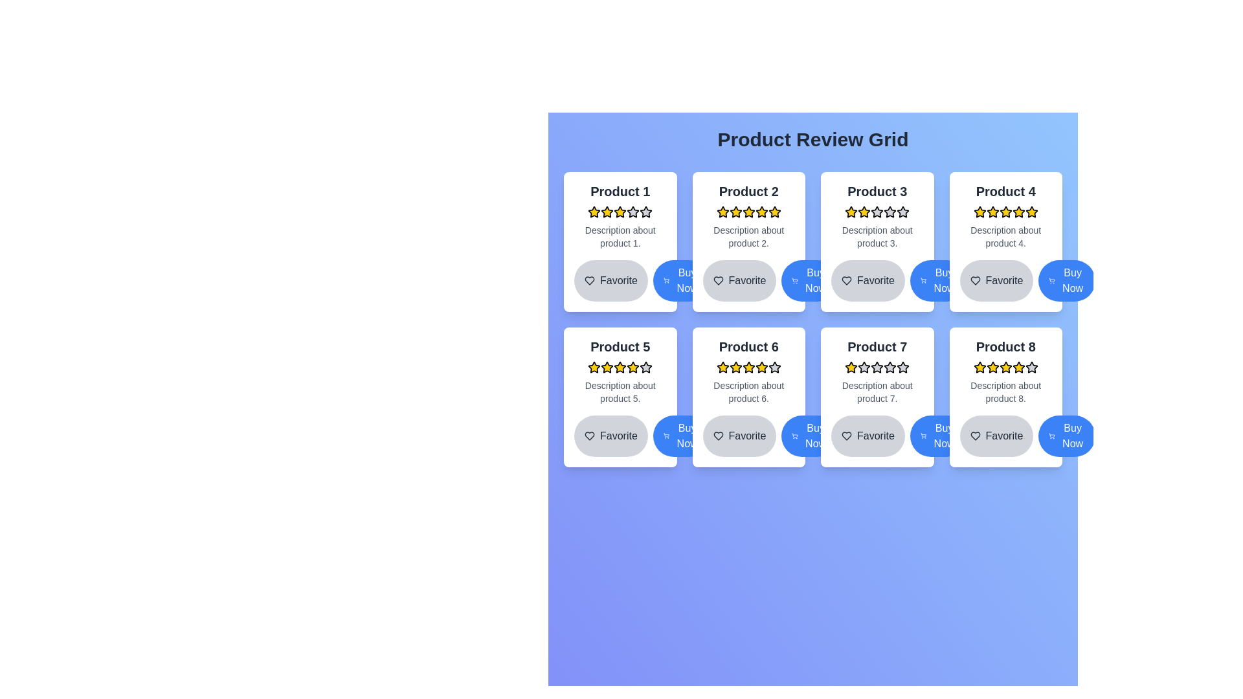  Describe the element at coordinates (717, 436) in the screenshot. I see `the heart-shaped interactive icon located at the bottom-left corner of the Product 6 card` at that location.